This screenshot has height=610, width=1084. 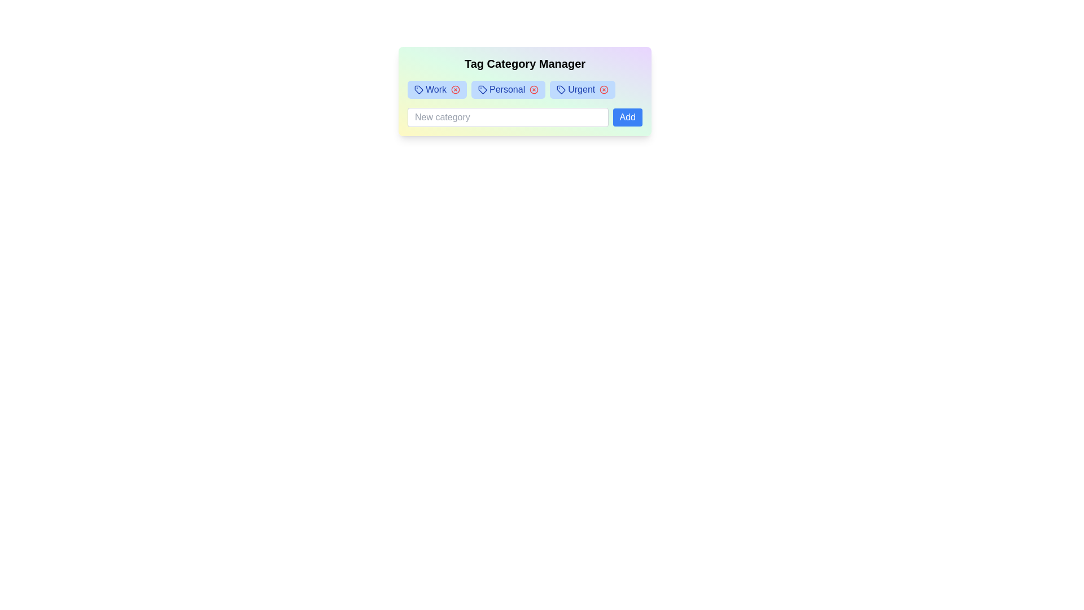 I want to click on the button to the immediate right of the 'New category' input field, so click(x=627, y=117).